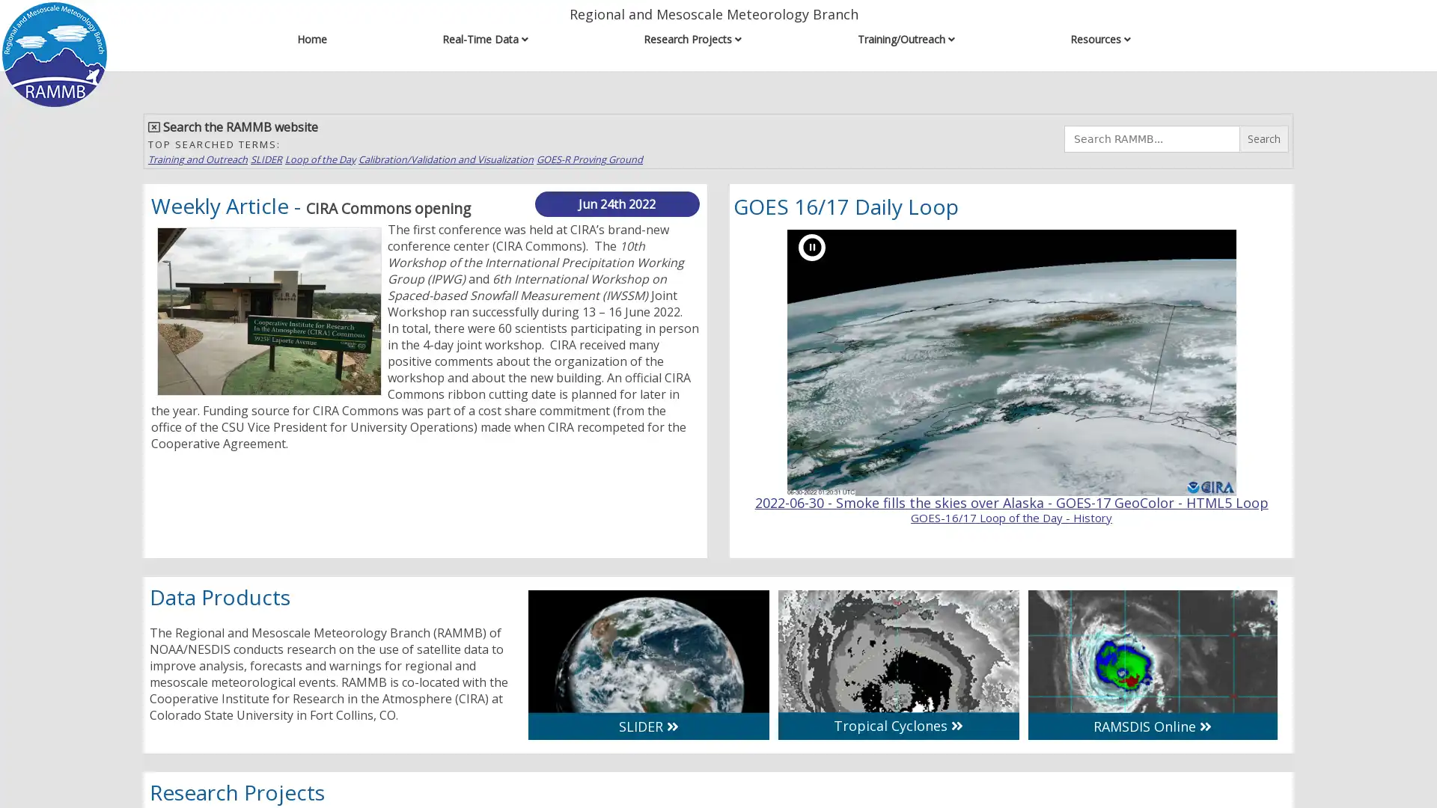  What do you see at coordinates (811, 246) in the screenshot?
I see `static image` at bounding box center [811, 246].